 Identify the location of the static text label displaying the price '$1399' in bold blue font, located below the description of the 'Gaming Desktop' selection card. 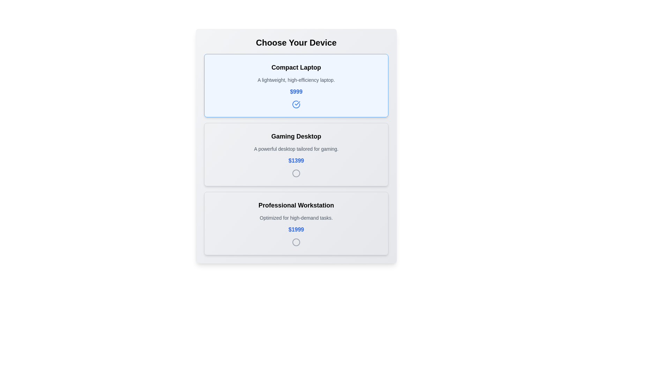
(296, 161).